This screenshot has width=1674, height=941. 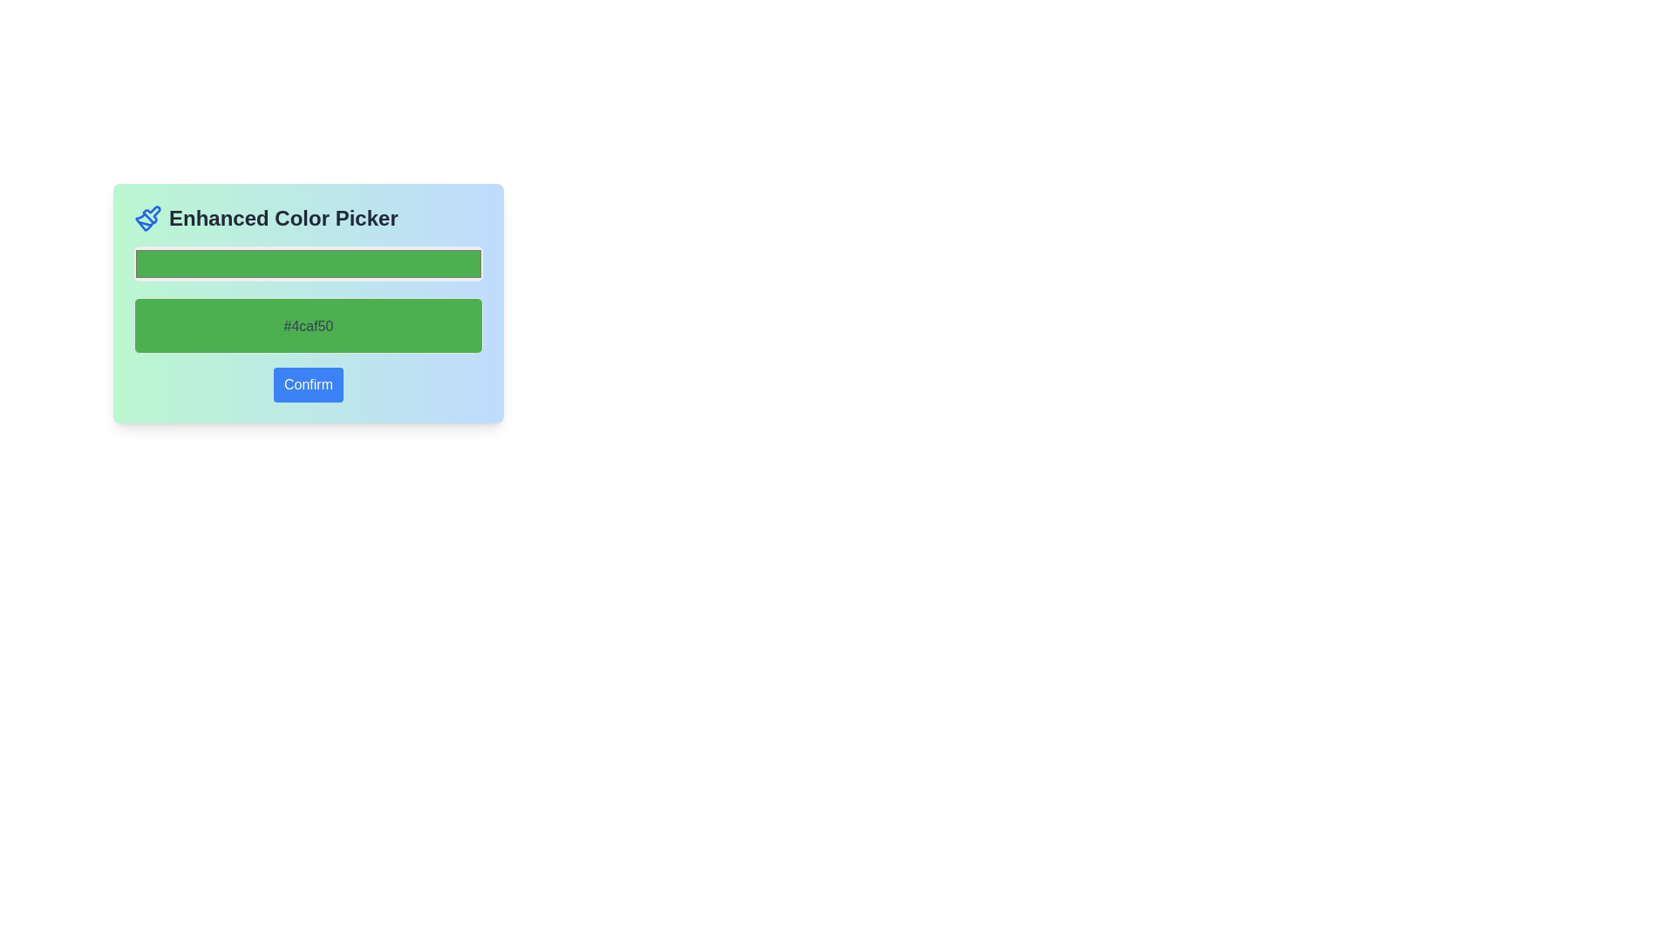 What do you see at coordinates (309, 265) in the screenshot?
I see `a new color from the color selection box, which is located below the 'Enhanced Color Picker' heading and above the text '#4caf50'` at bounding box center [309, 265].